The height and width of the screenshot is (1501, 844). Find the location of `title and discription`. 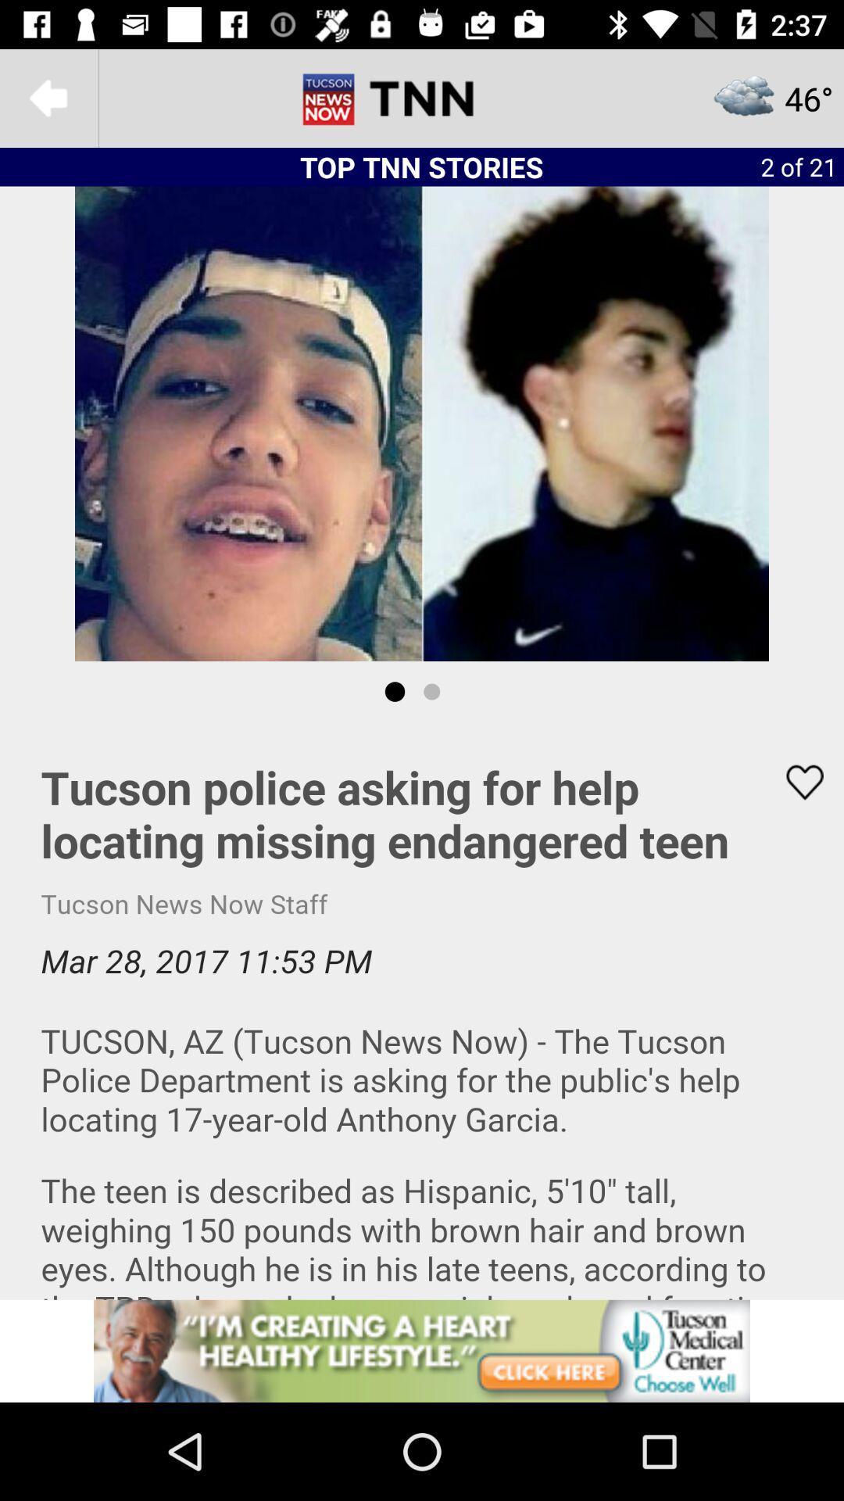

title and discription is located at coordinates (422, 1011).